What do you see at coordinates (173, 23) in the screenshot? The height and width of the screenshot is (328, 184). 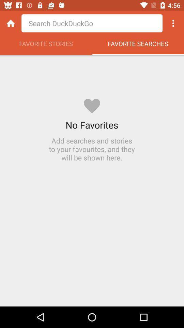 I see `more` at bounding box center [173, 23].